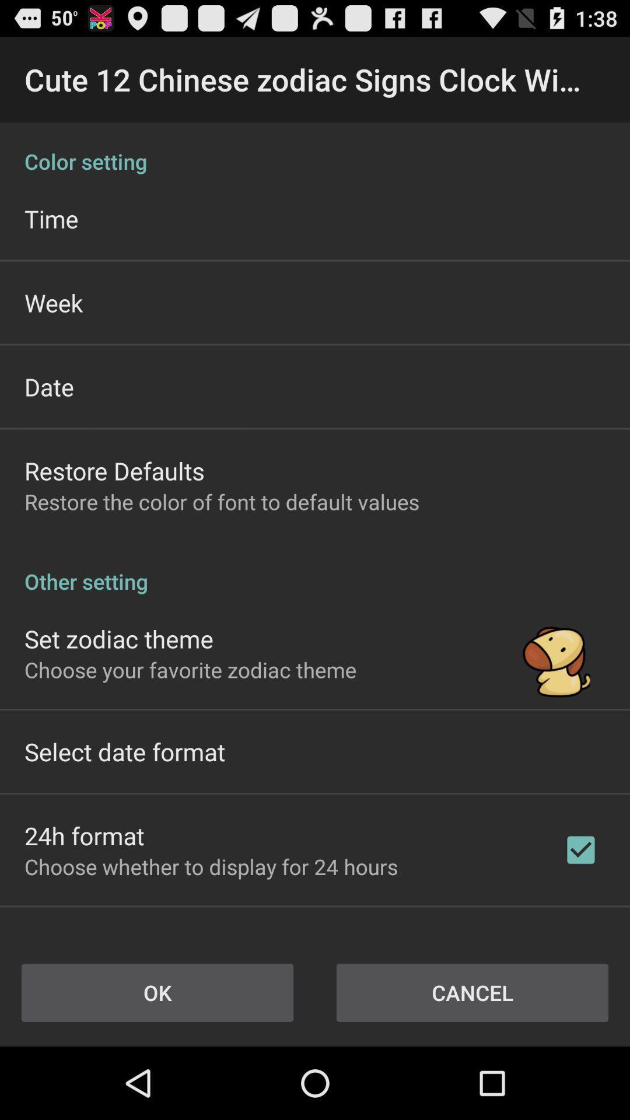  Describe the element at coordinates (222, 502) in the screenshot. I see `icon above other setting` at that location.